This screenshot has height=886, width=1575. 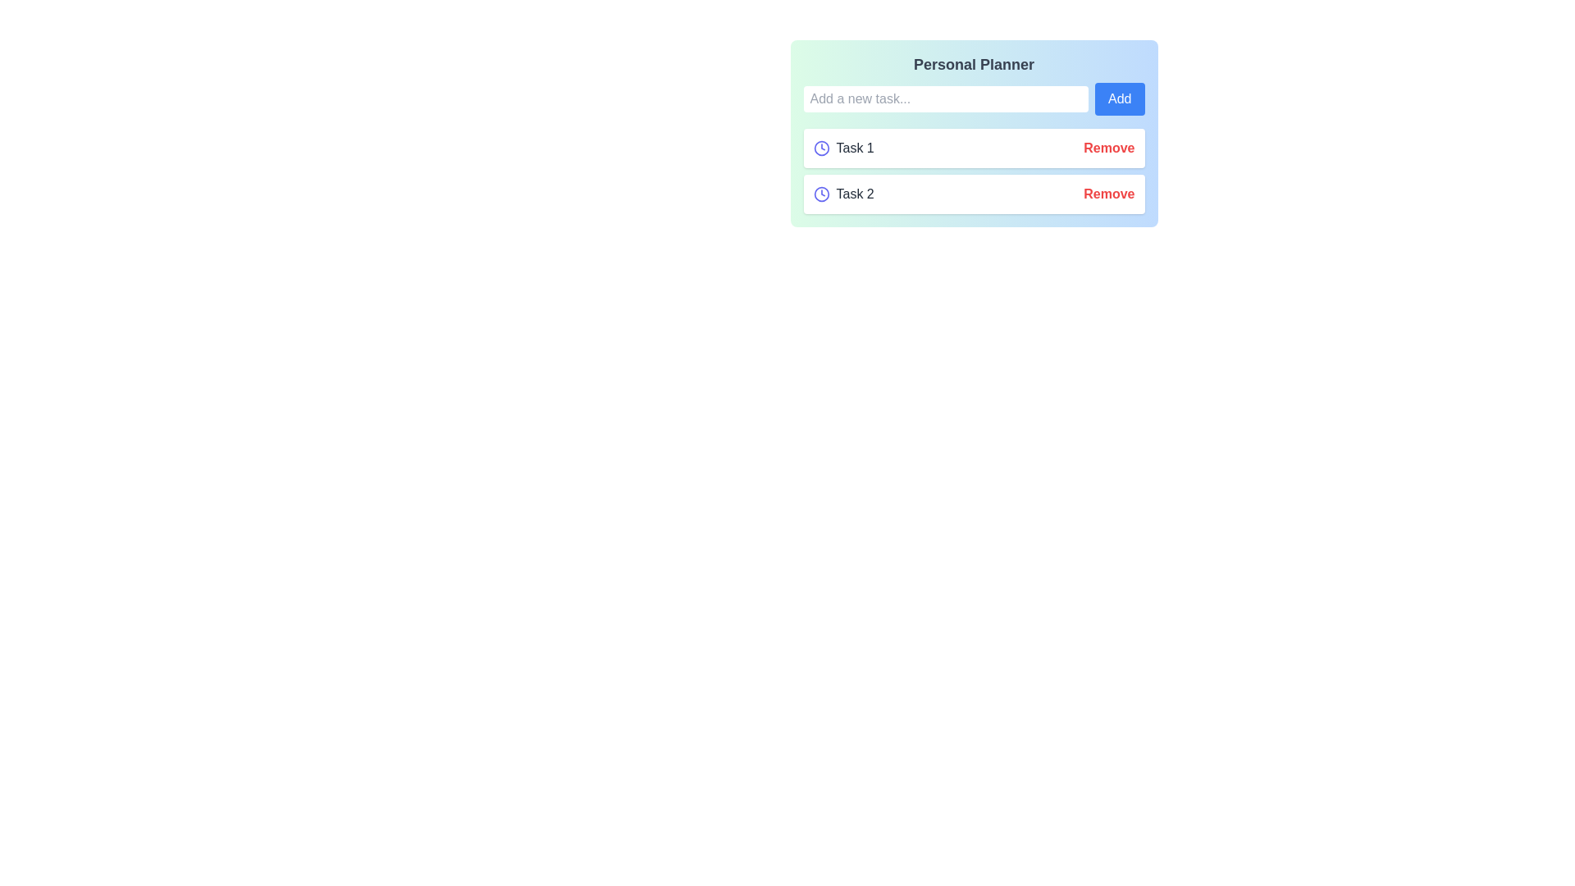 What do you see at coordinates (1119, 98) in the screenshot?
I see `the button labeled Add to observe visual feedback` at bounding box center [1119, 98].